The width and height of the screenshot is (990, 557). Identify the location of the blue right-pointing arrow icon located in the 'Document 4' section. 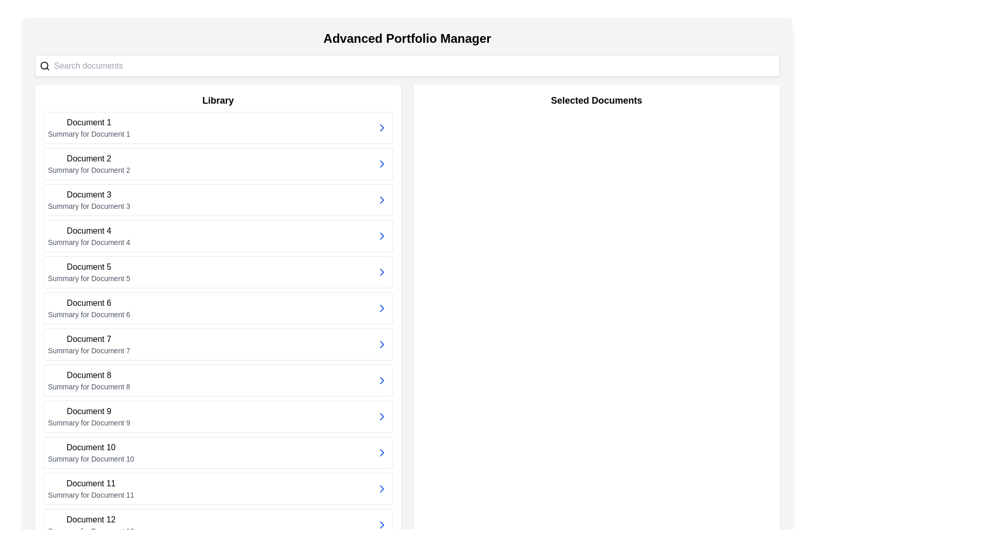
(381, 236).